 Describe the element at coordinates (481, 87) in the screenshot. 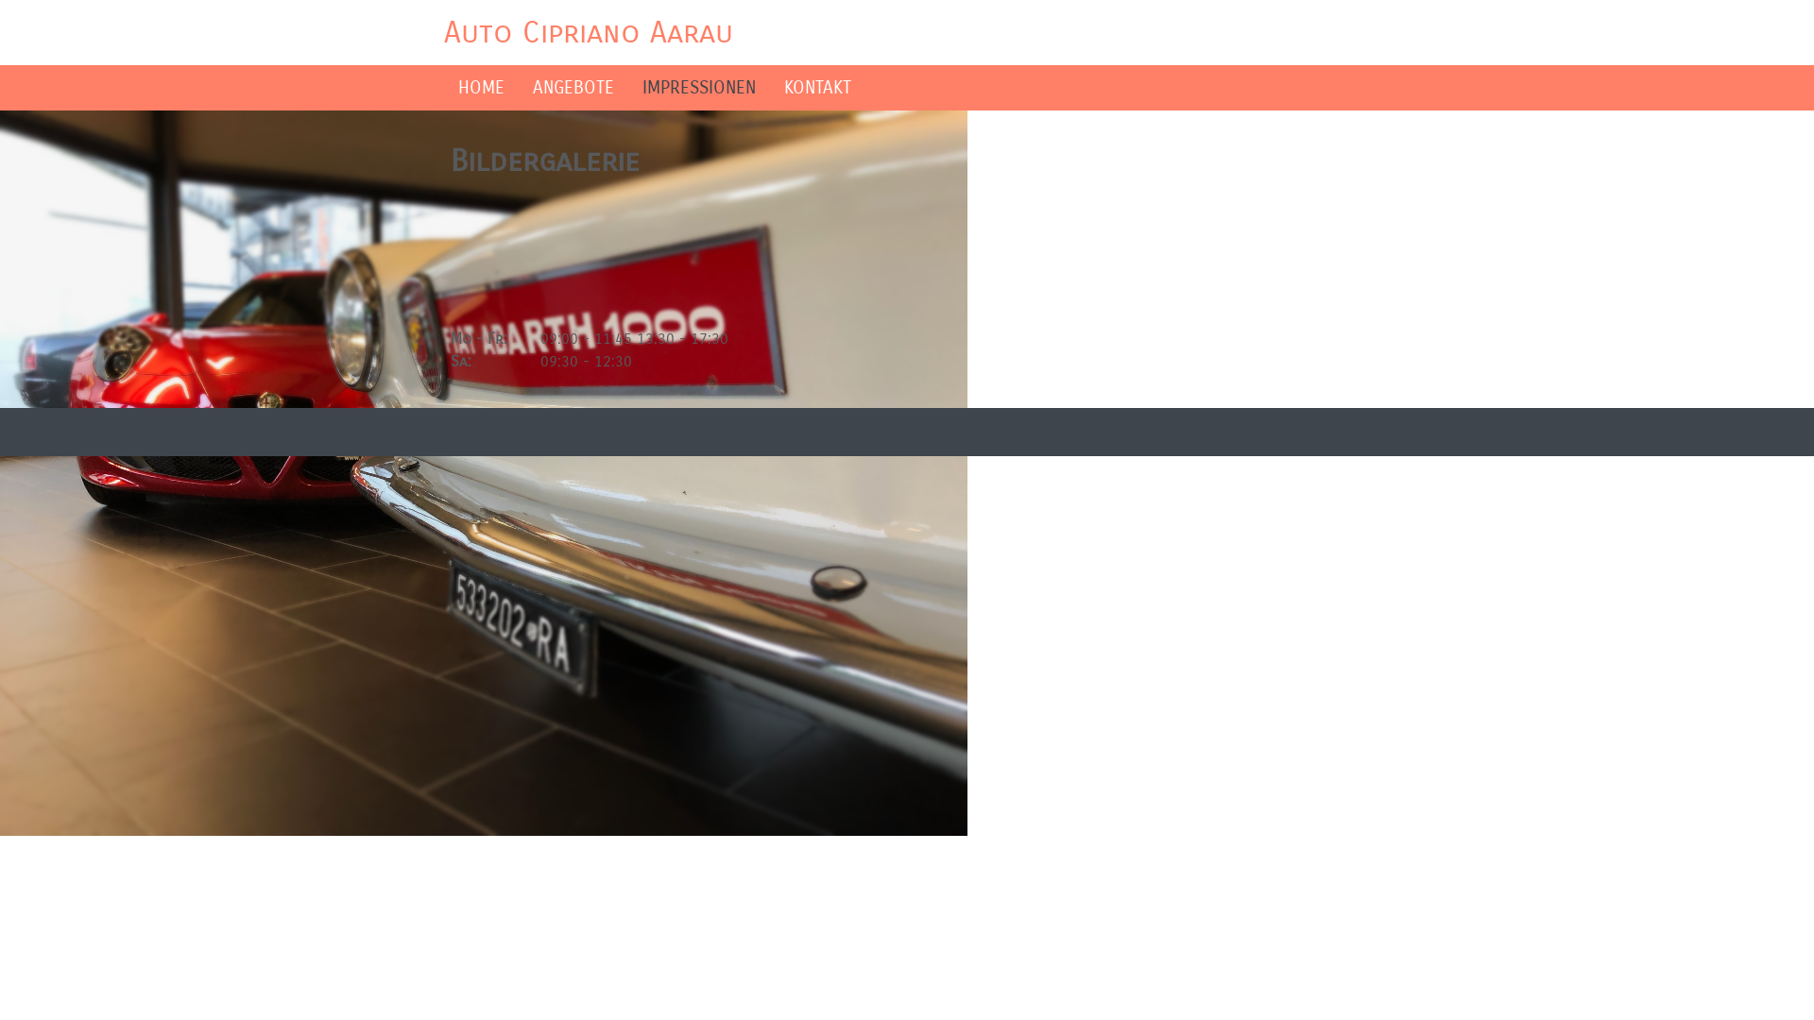

I see `'HOME'` at that location.